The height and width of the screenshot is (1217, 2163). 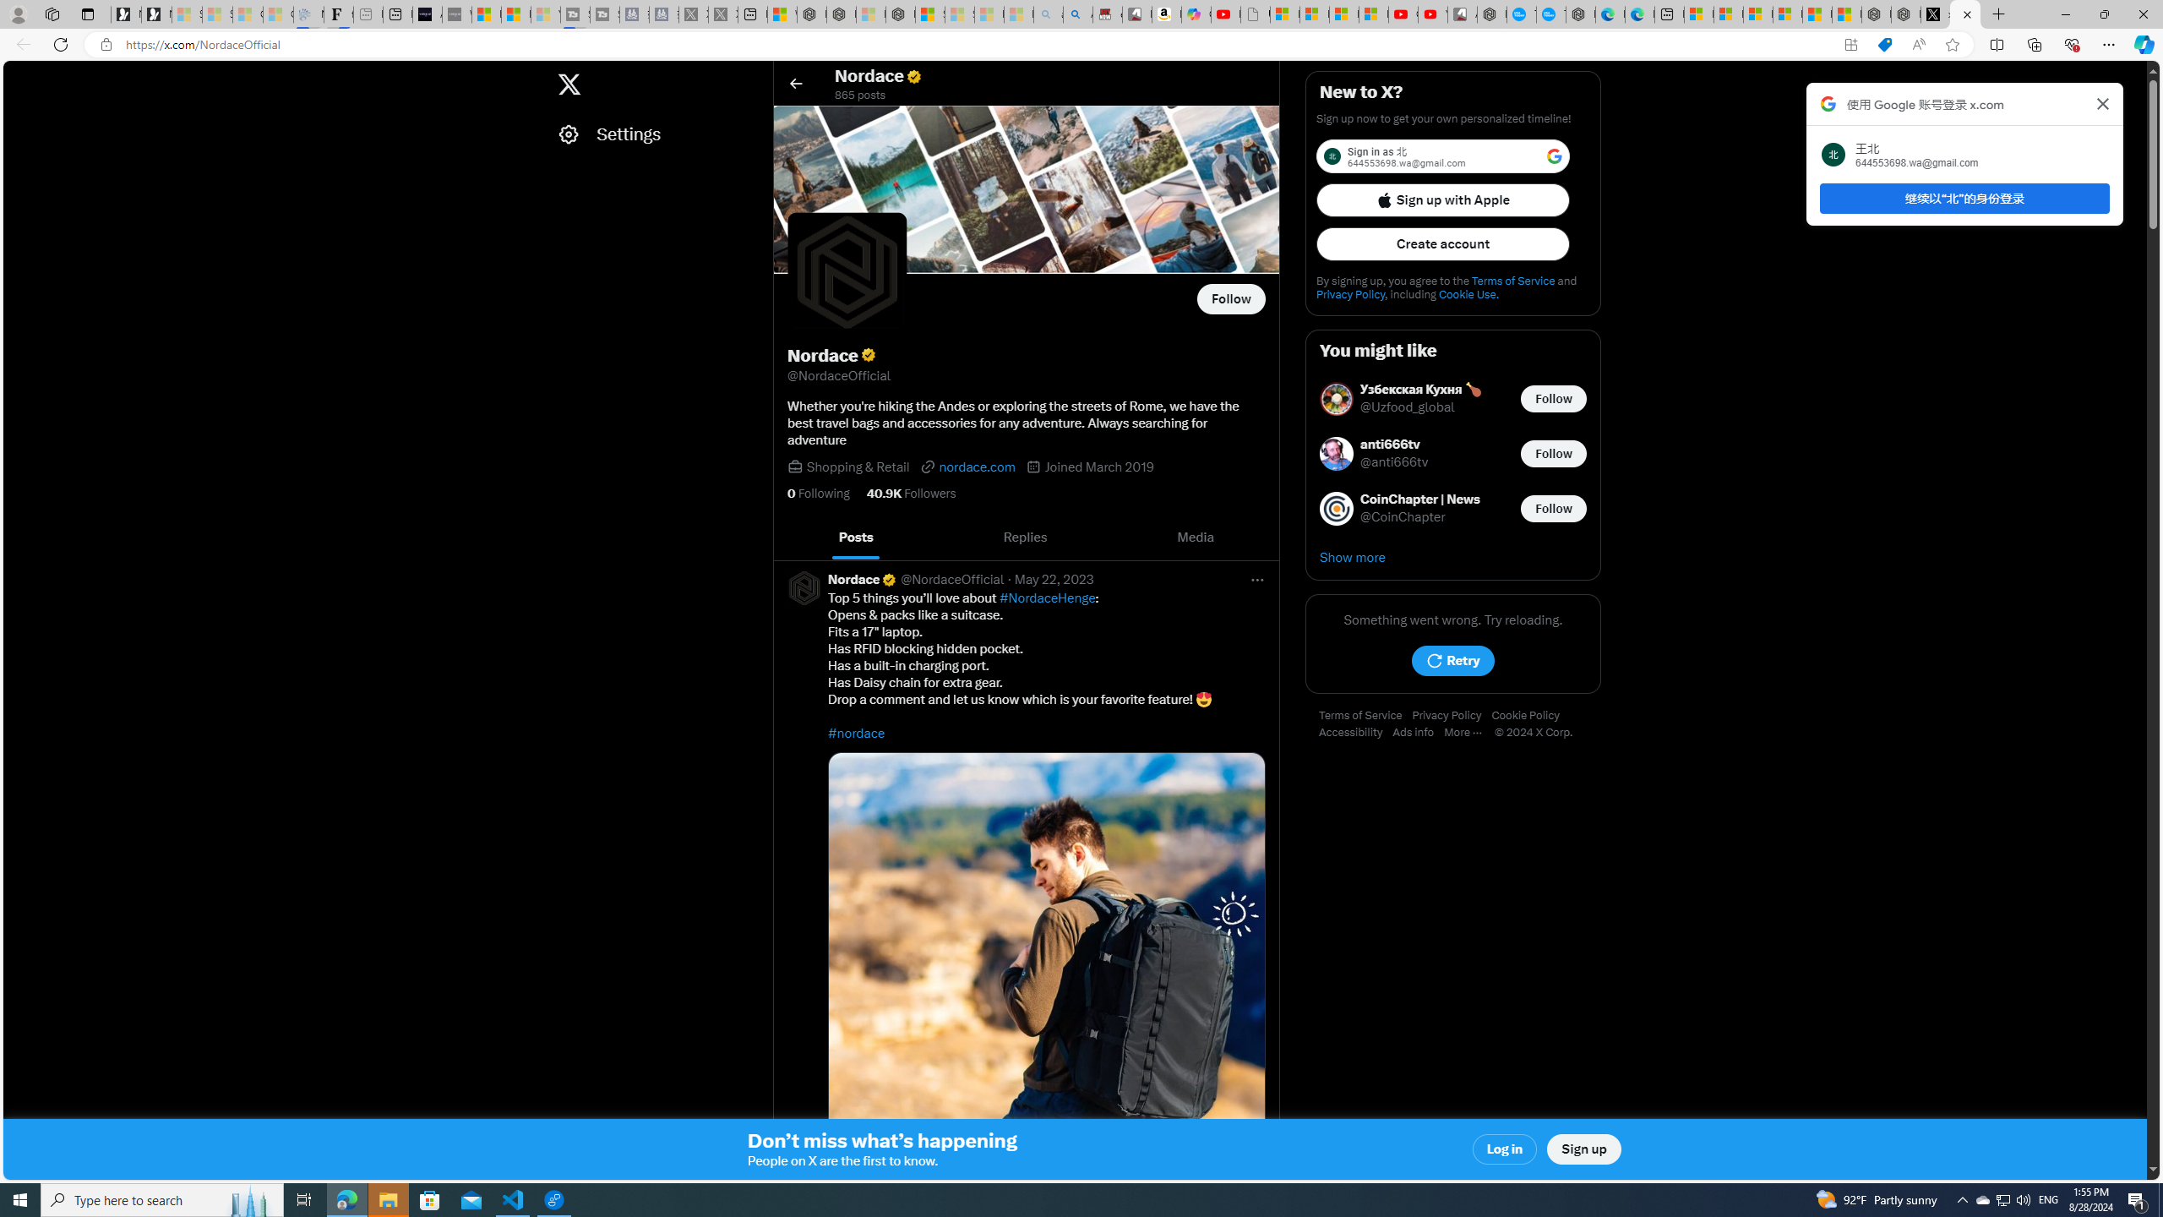 What do you see at coordinates (855, 732) in the screenshot?
I see `'#nordace'` at bounding box center [855, 732].